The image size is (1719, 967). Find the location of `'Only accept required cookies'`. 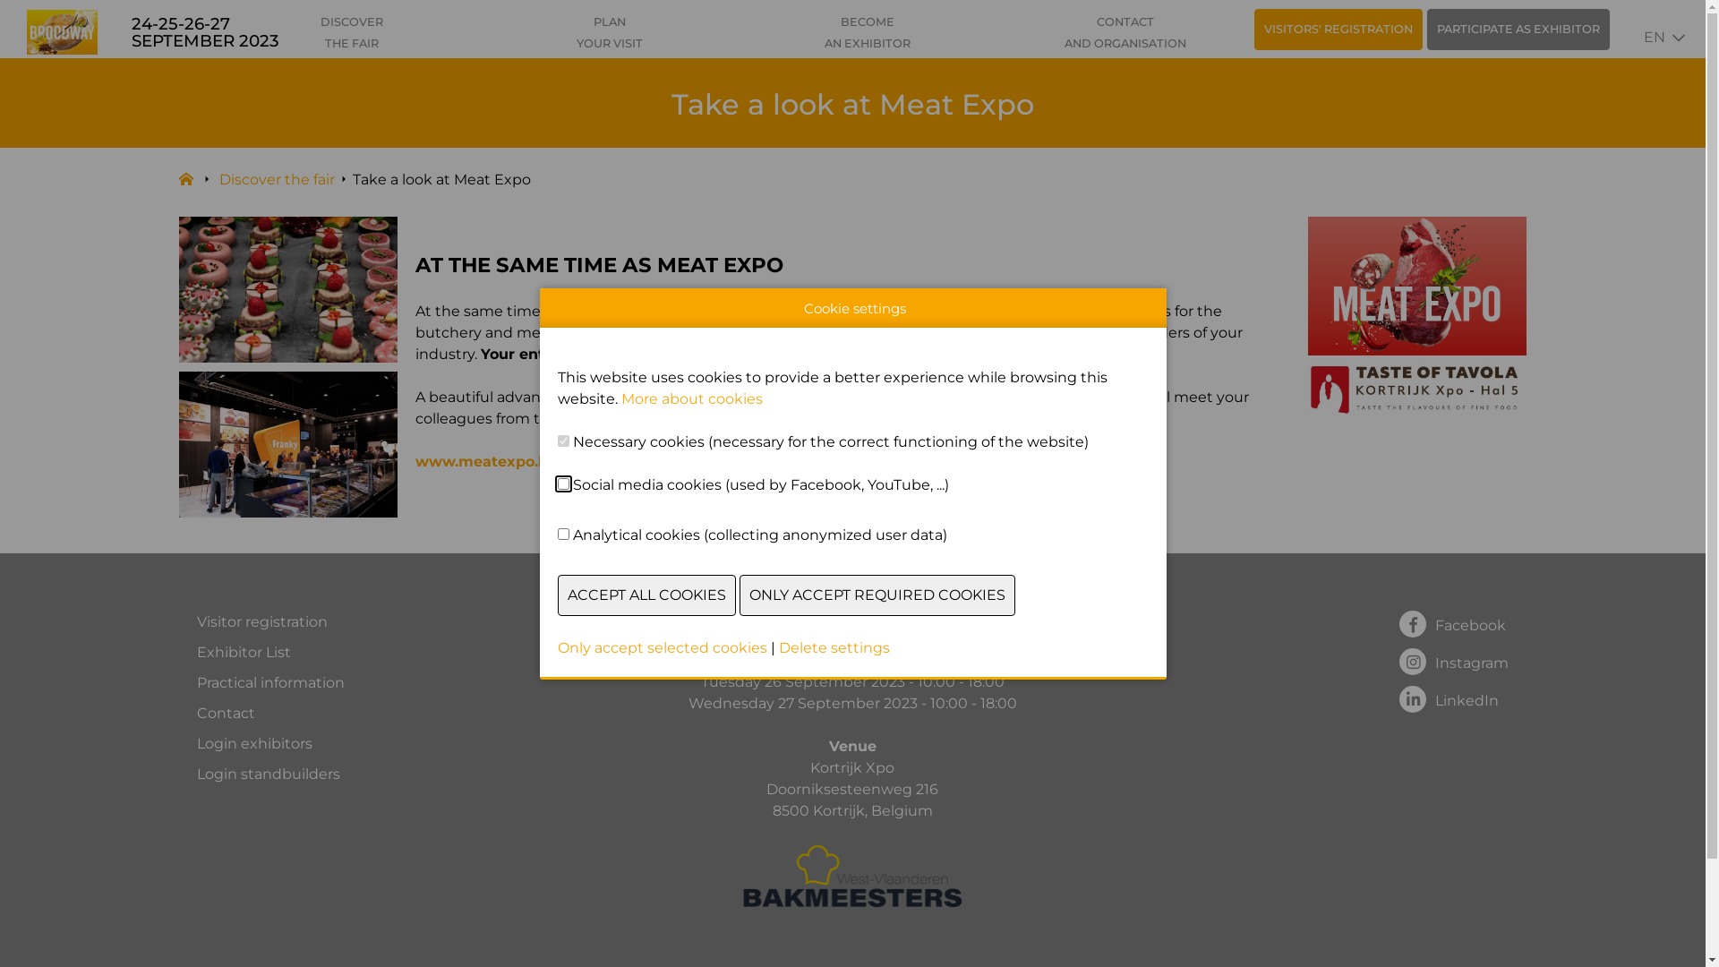

'Only accept required cookies' is located at coordinates (877, 595).